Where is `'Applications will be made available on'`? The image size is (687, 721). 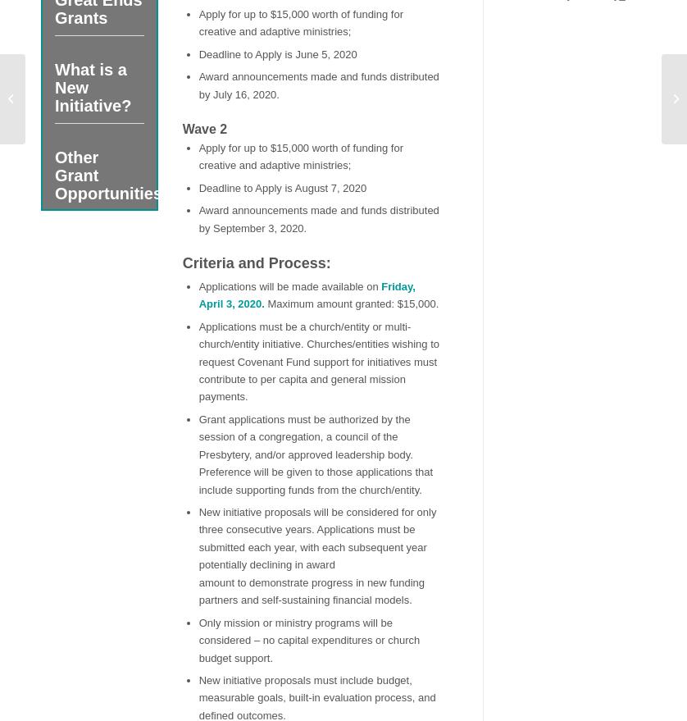 'Applications will be made available on' is located at coordinates (198, 285).